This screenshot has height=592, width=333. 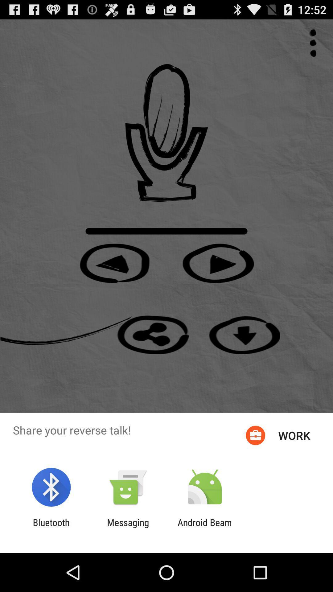 I want to click on icon to the left of android beam icon, so click(x=128, y=528).